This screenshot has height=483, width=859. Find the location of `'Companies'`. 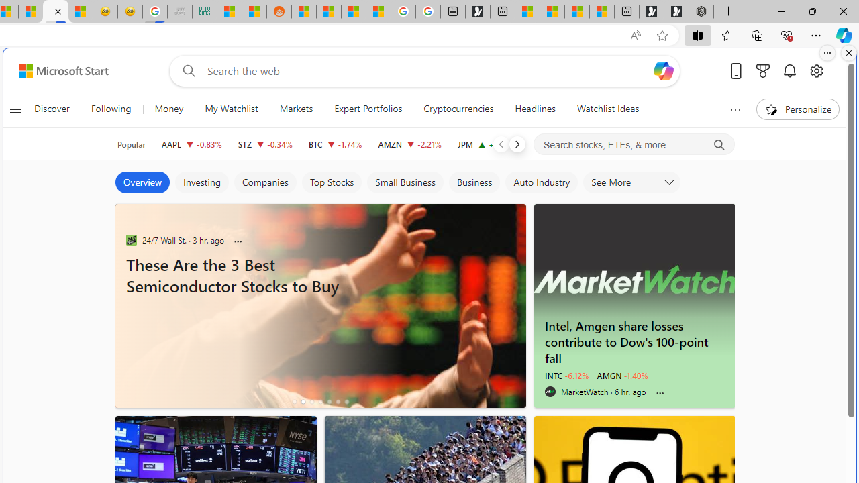

'Companies' is located at coordinates (264, 182).